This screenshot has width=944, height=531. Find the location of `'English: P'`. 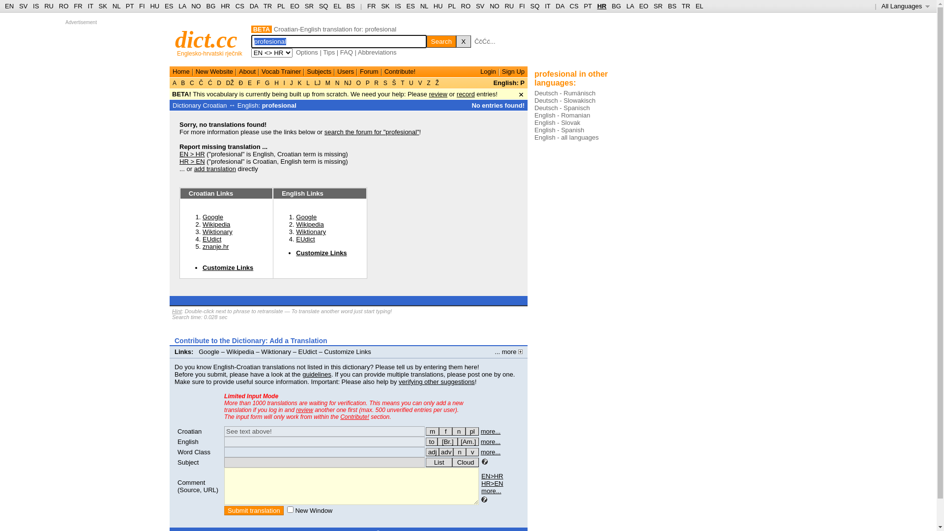

'English: P' is located at coordinates (509, 82).